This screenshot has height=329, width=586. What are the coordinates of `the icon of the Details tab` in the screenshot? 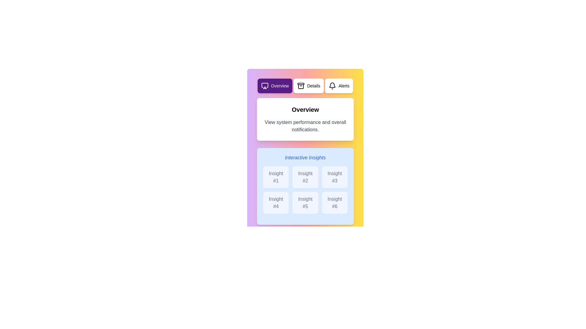 It's located at (301, 86).